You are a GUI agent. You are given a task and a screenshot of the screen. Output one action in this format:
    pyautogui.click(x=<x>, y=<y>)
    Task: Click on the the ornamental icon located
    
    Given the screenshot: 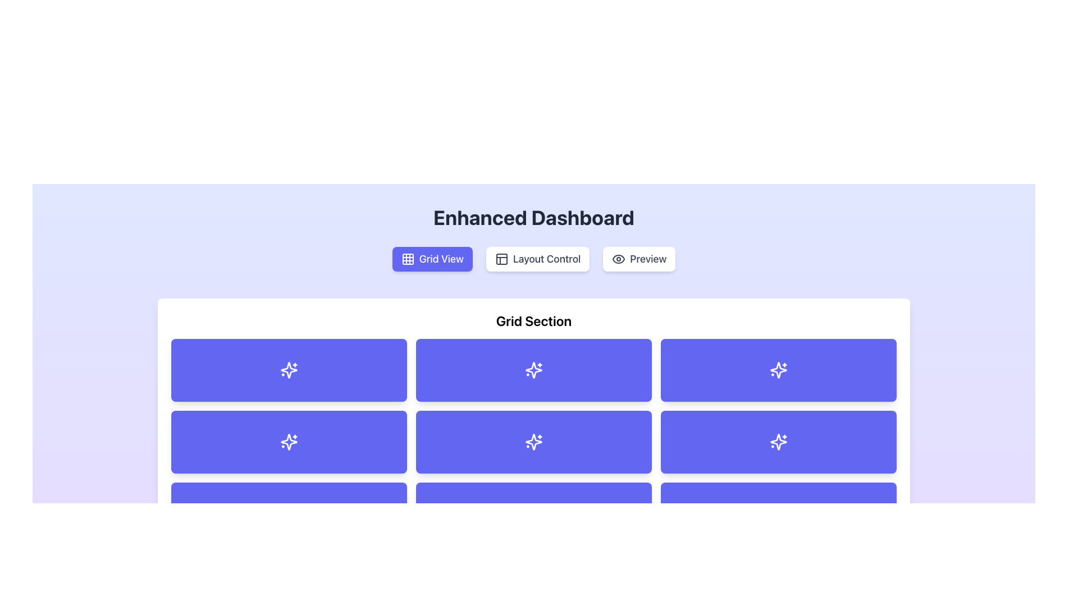 What is the action you would take?
    pyautogui.click(x=778, y=441)
    